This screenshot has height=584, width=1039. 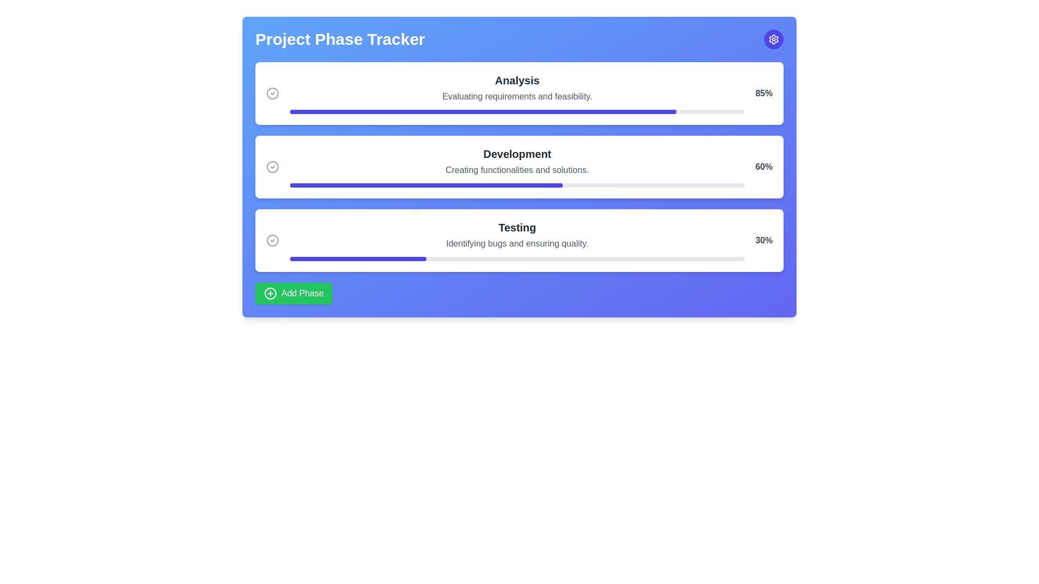 I want to click on the circular '+' icon with a green border inside the 'Add Phase' button located at the bottom-left corner of the card, so click(x=270, y=294).